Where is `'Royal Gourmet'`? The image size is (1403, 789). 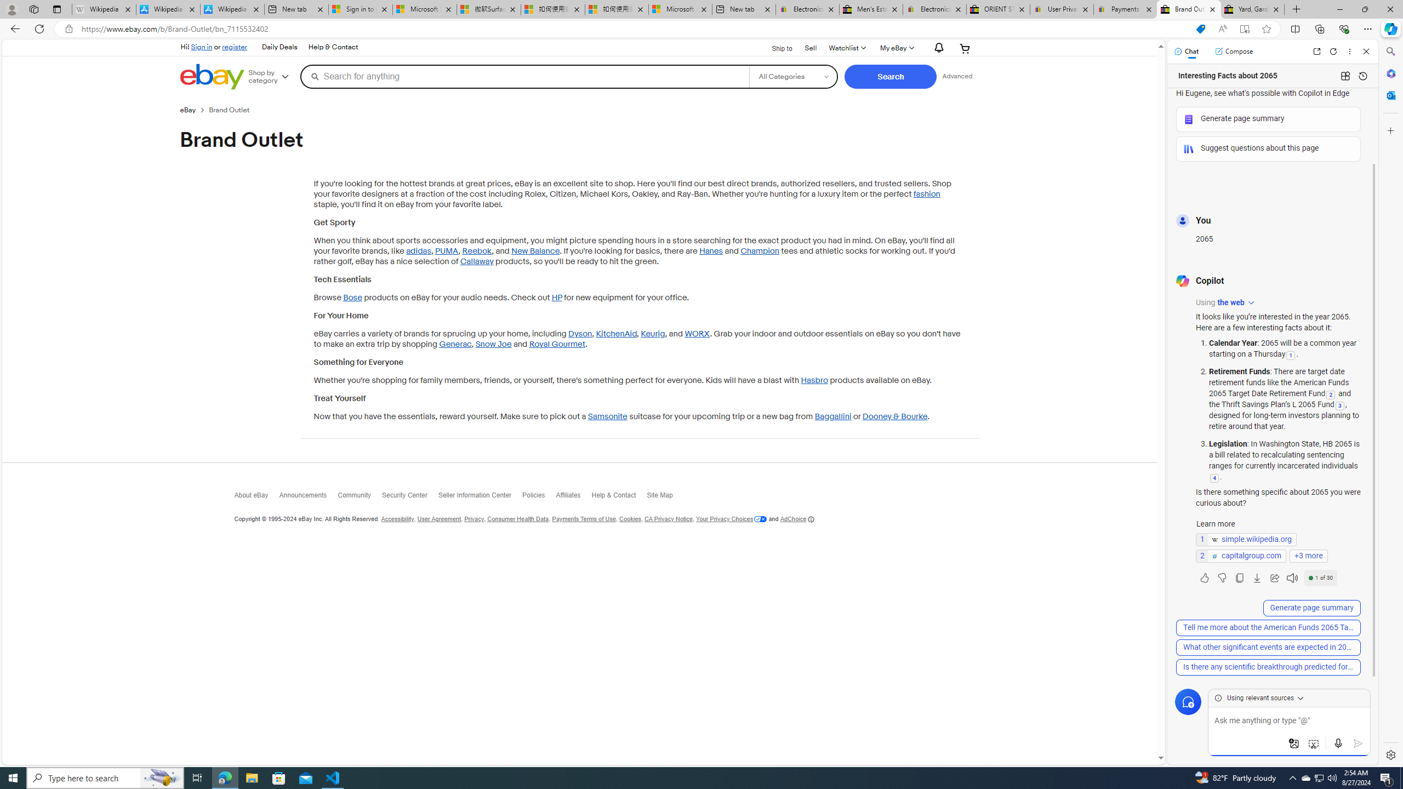 'Royal Gourmet' is located at coordinates (557, 344).